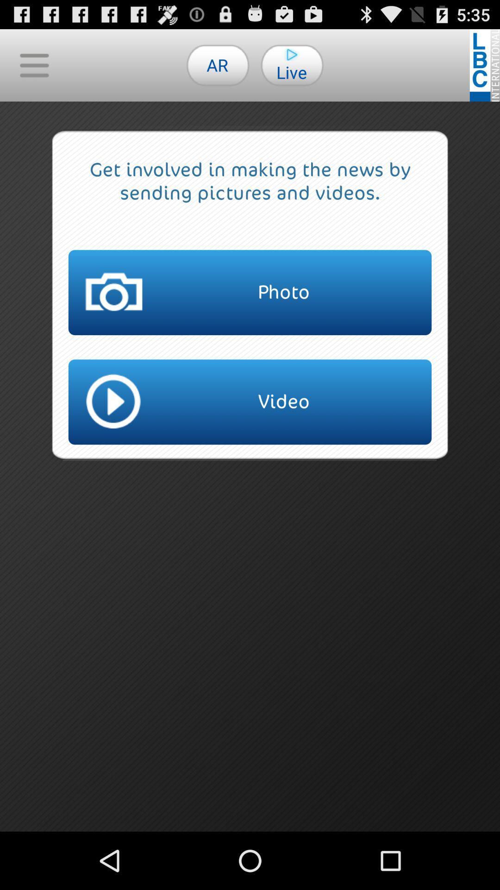 The height and width of the screenshot is (890, 500). What do you see at coordinates (33, 64) in the screenshot?
I see `icon at the top left corner` at bounding box center [33, 64].